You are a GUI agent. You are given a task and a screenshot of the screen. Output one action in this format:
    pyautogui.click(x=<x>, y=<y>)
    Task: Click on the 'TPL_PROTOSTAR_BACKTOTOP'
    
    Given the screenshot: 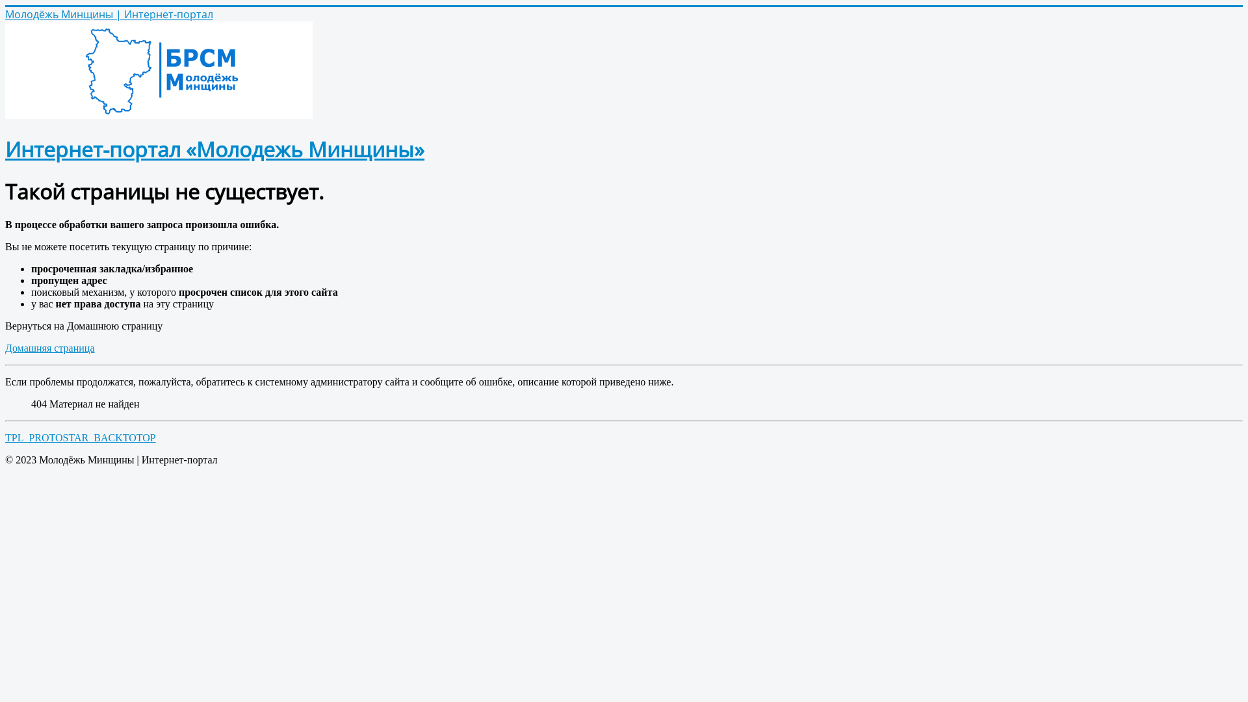 What is the action you would take?
    pyautogui.click(x=80, y=437)
    